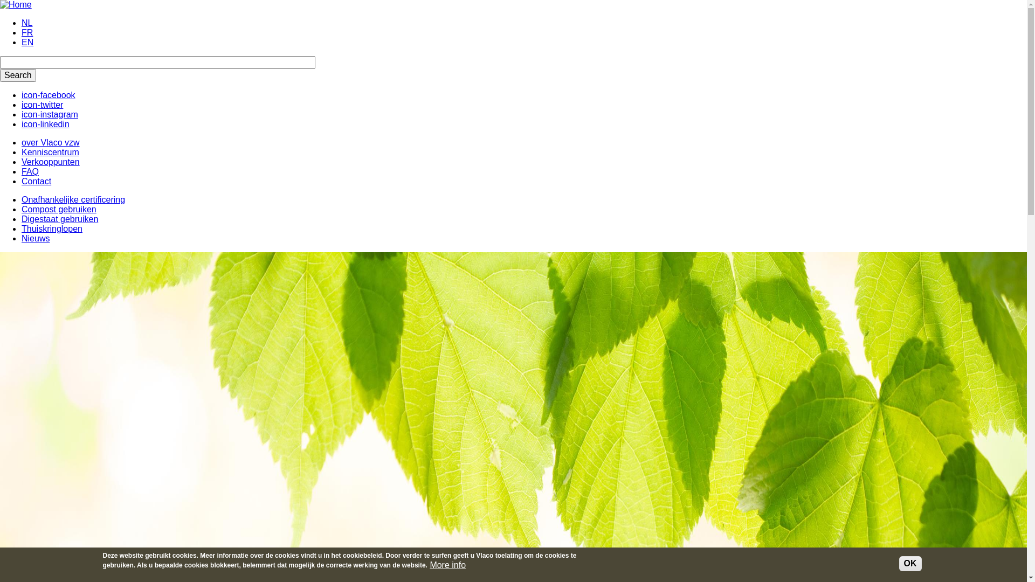 This screenshot has height=582, width=1035. Describe the element at coordinates (36, 181) in the screenshot. I see `'Contact'` at that location.